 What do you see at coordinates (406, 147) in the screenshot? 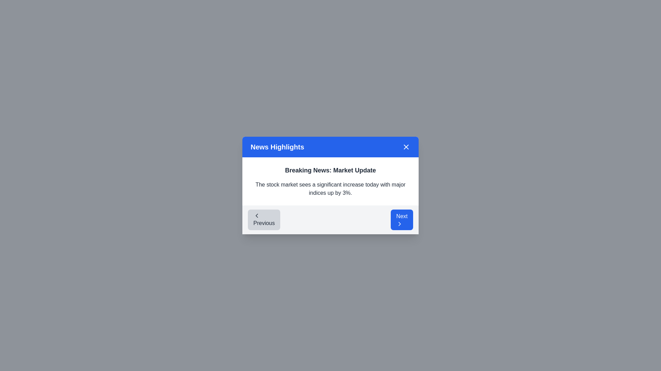
I see `the close button located in the top-right corner of the 'News Highlights' header` at bounding box center [406, 147].